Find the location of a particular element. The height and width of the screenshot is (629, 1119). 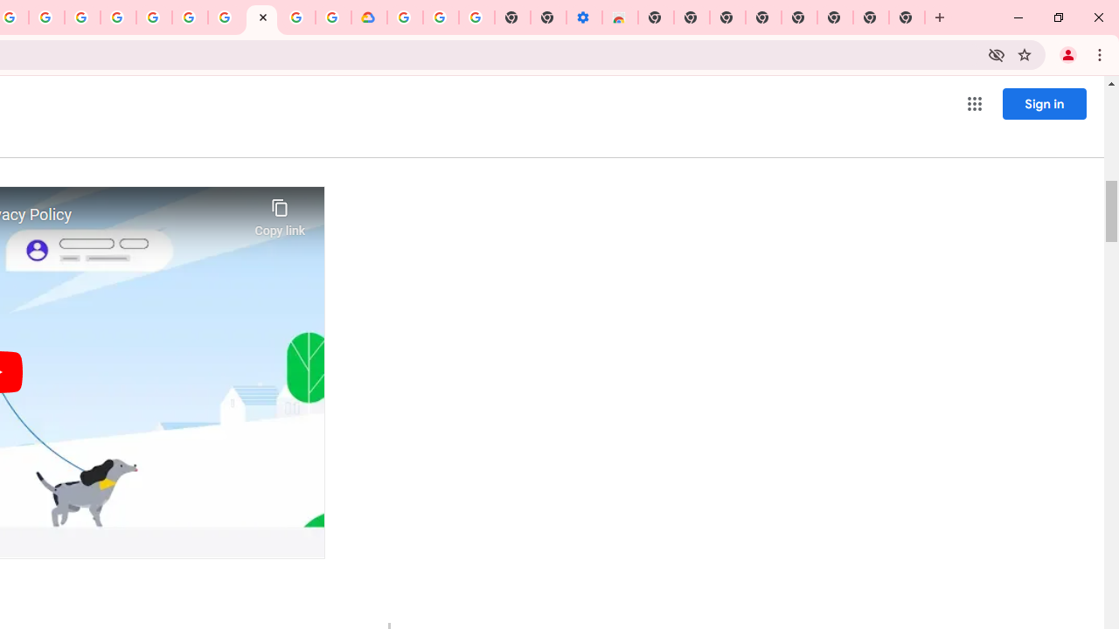

'Turn cookies on or off - Computer - Google Account Help' is located at coordinates (476, 17).